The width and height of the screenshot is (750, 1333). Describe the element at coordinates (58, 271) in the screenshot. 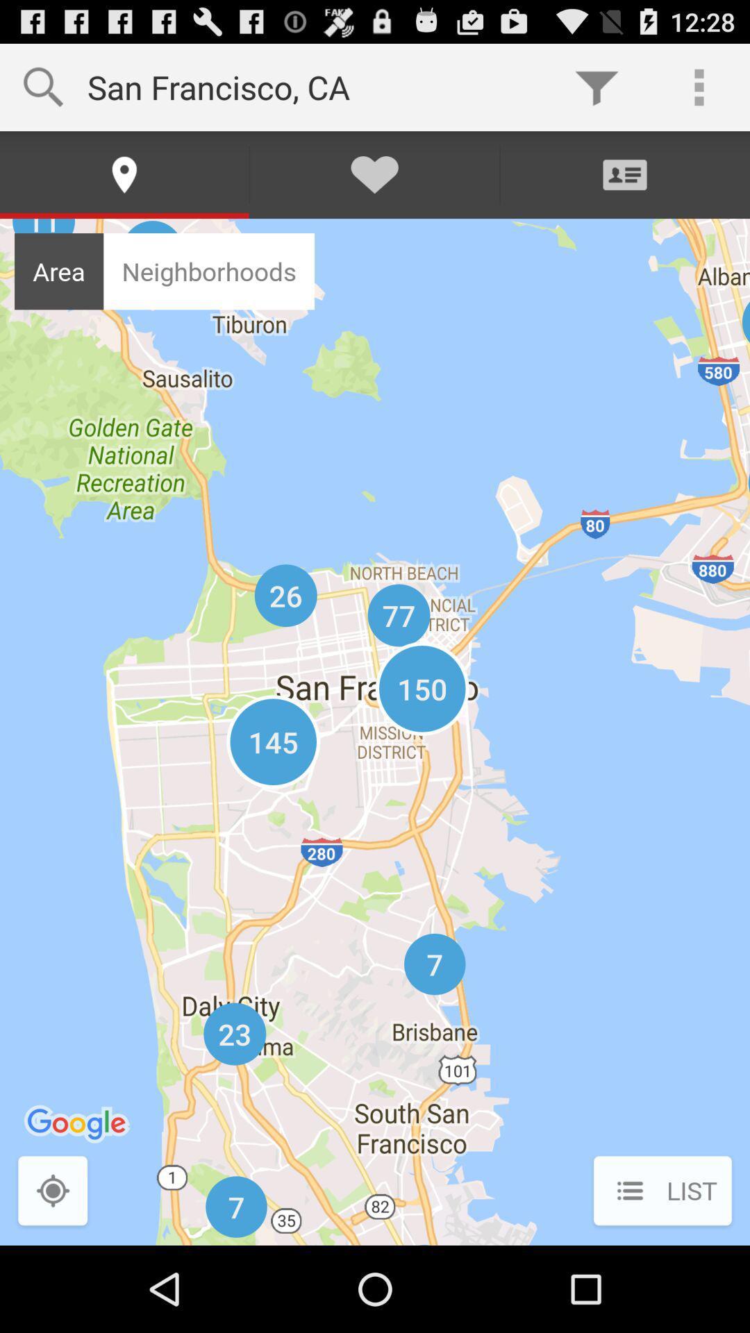

I see `icon to the left of neighborhoods item` at that location.